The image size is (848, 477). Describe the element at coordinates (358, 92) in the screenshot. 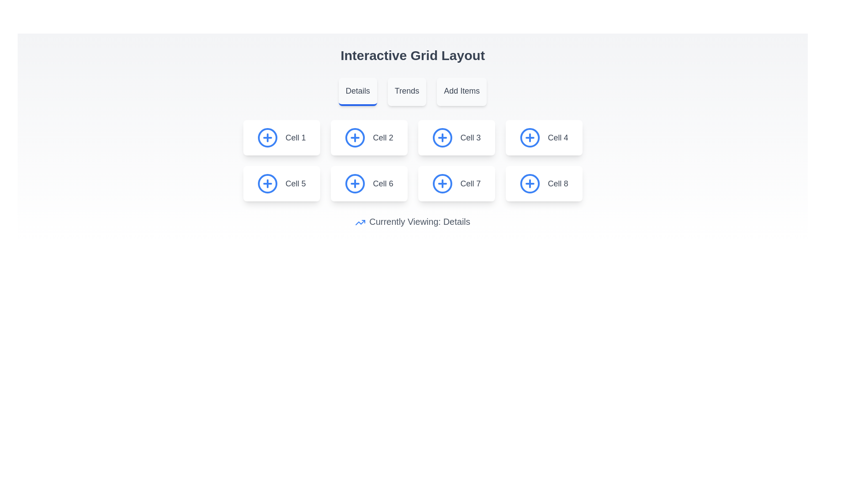

I see `the first rectangular button in a series of three, located to the left of the 'Trends' and 'Add Items' buttons in the header section, to change its appearance` at that location.